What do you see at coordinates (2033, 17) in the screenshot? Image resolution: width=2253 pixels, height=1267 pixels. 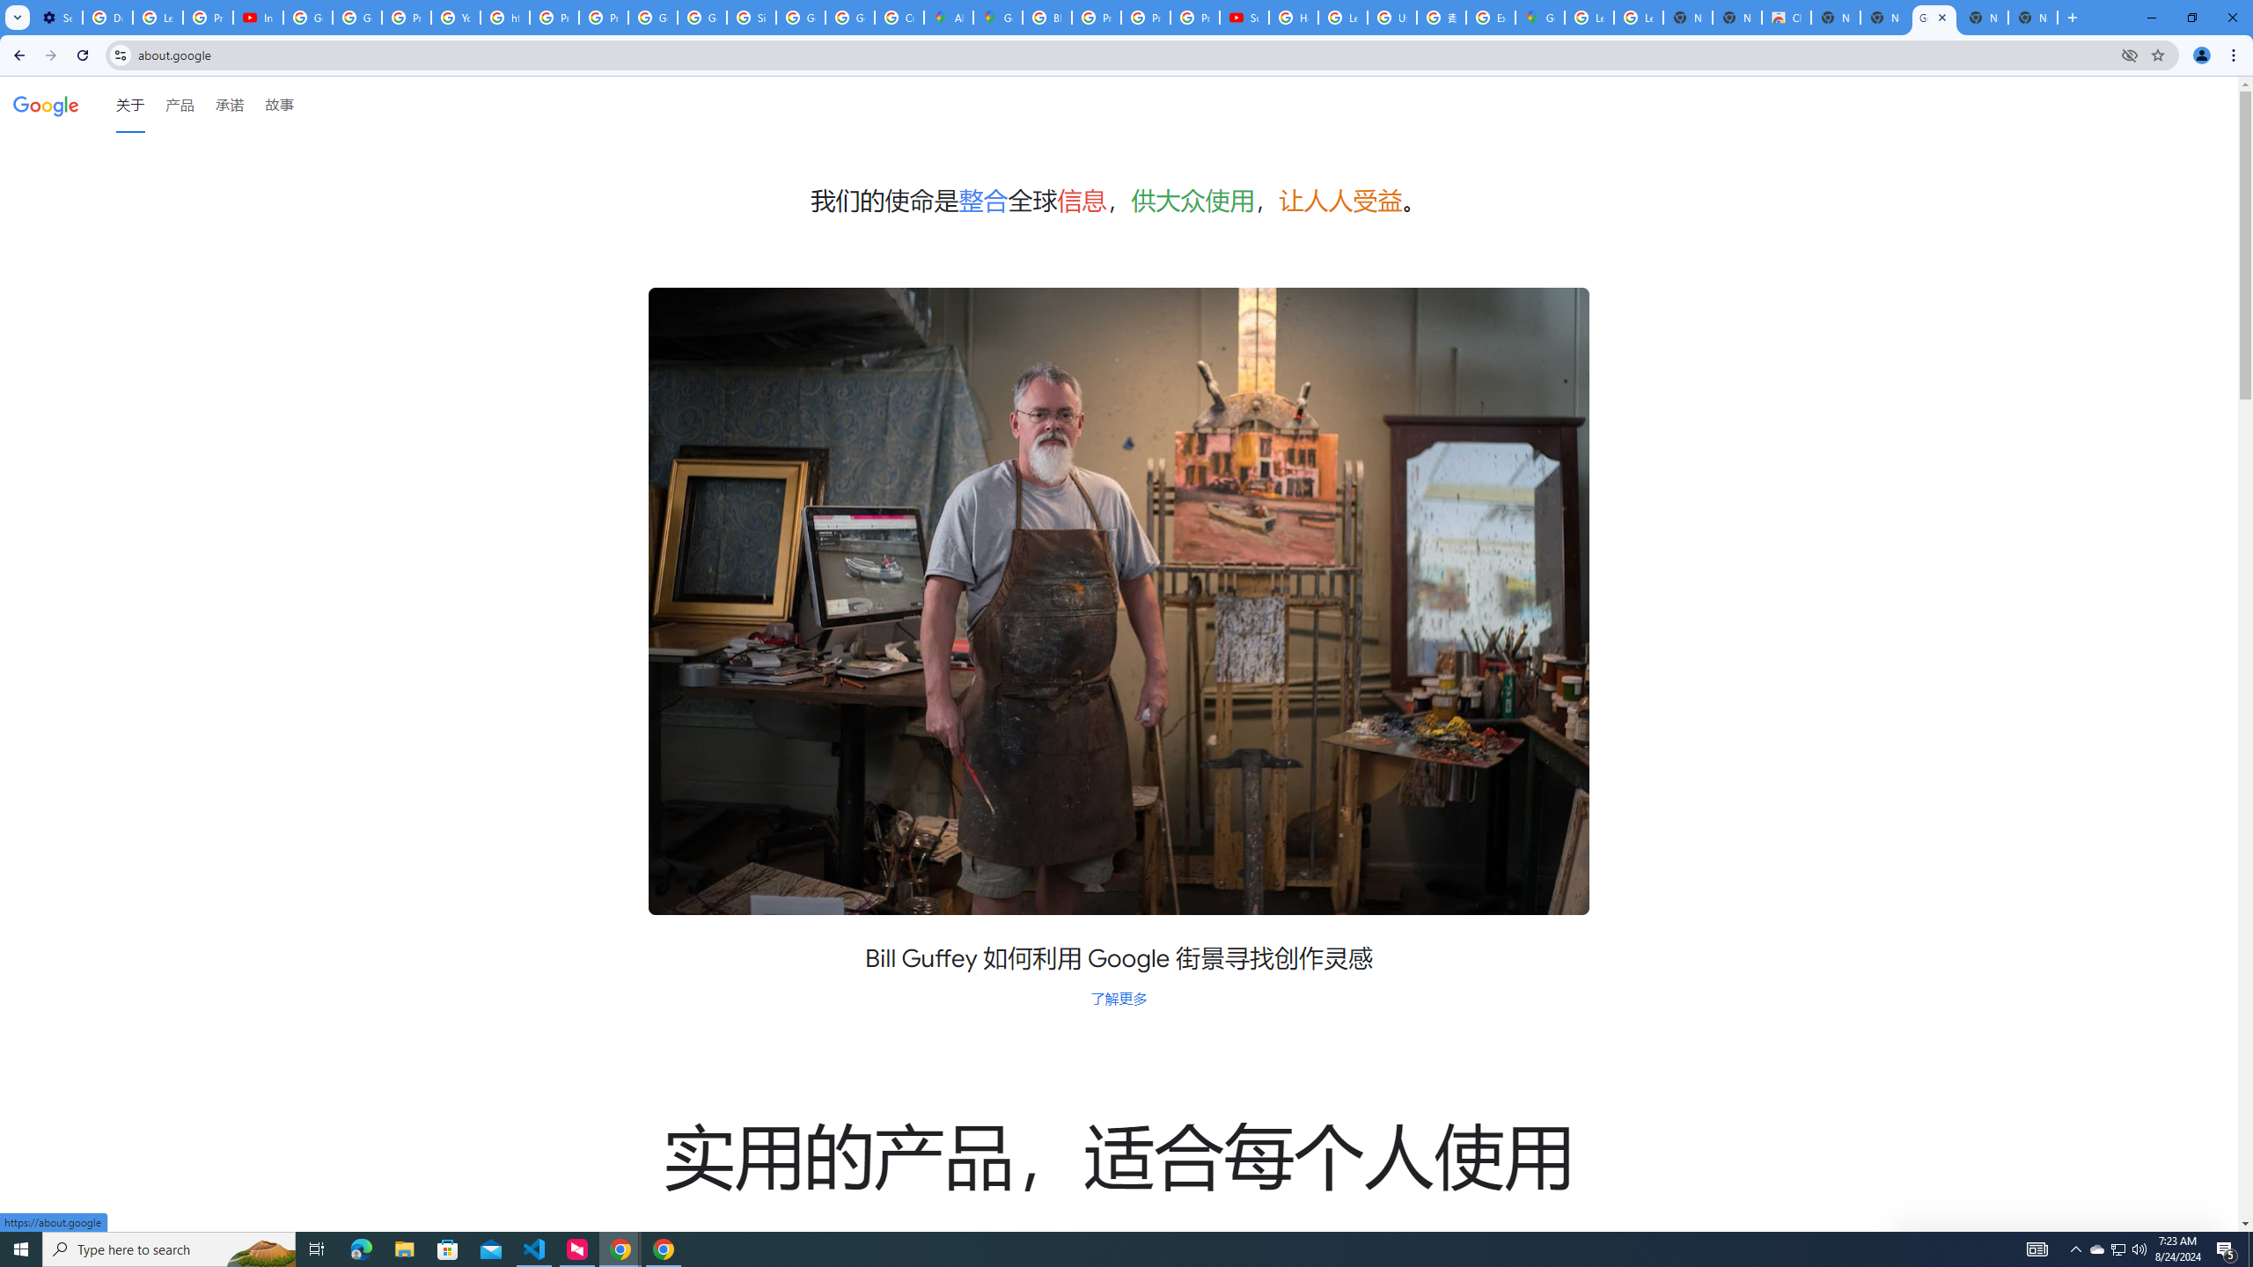 I see `'New Tab'` at bounding box center [2033, 17].